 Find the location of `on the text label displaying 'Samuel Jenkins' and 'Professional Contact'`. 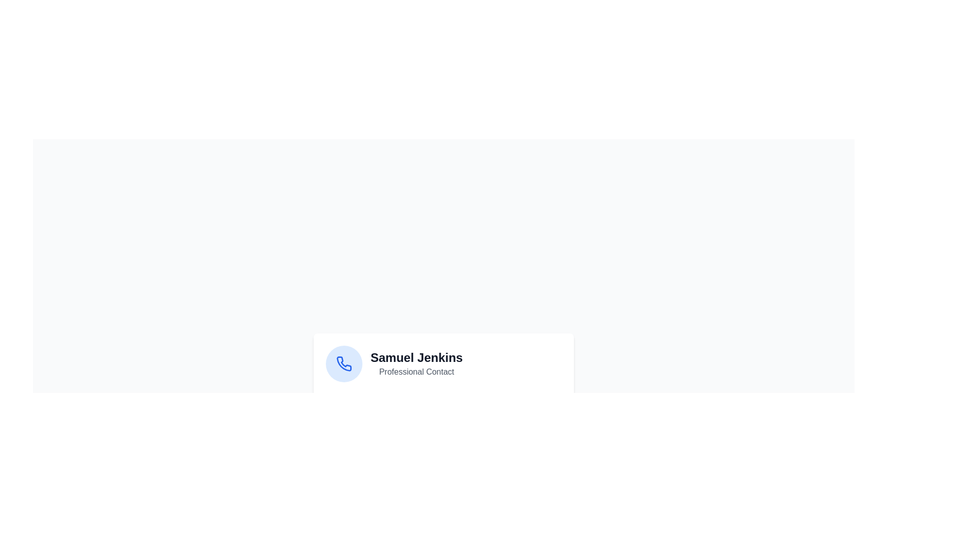

on the text label displaying 'Samuel Jenkins' and 'Professional Contact' is located at coordinates (416, 363).